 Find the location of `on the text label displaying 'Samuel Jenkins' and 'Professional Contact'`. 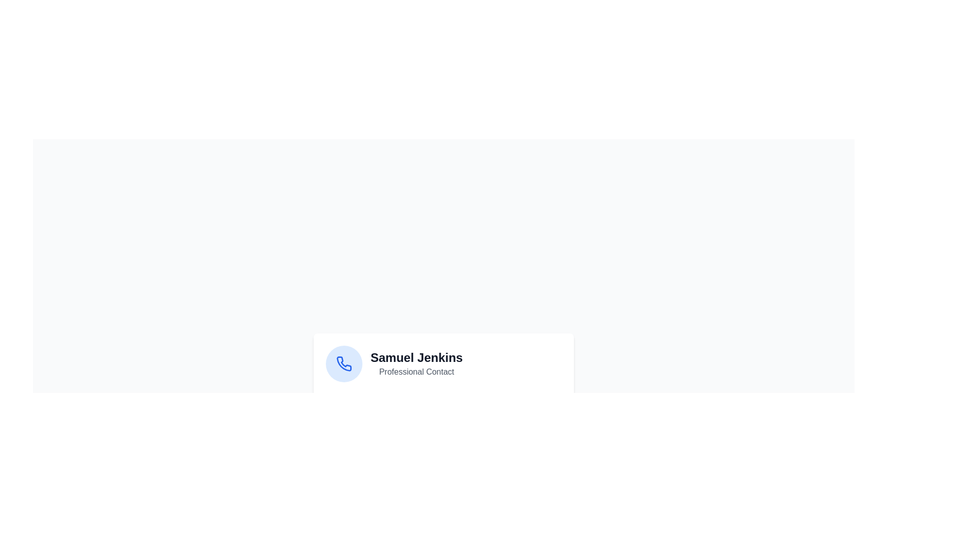

on the text label displaying 'Samuel Jenkins' and 'Professional Contact' is located at coordinates (416, 363).